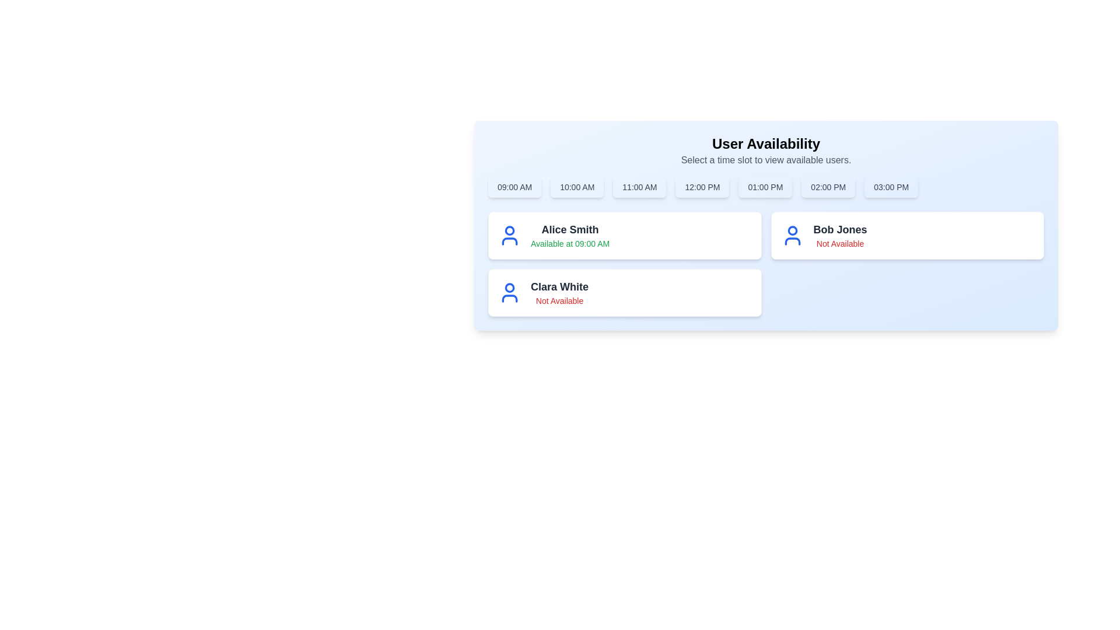 This screenshot has width=1120, height=630. What do you see at coordinates (509, 230) in the screenshot?
I see `the status icon represented by an SVG circle shape located at the upper left corner of the user card labeled 'Alice Smith'` at bounding box center [509, 230].